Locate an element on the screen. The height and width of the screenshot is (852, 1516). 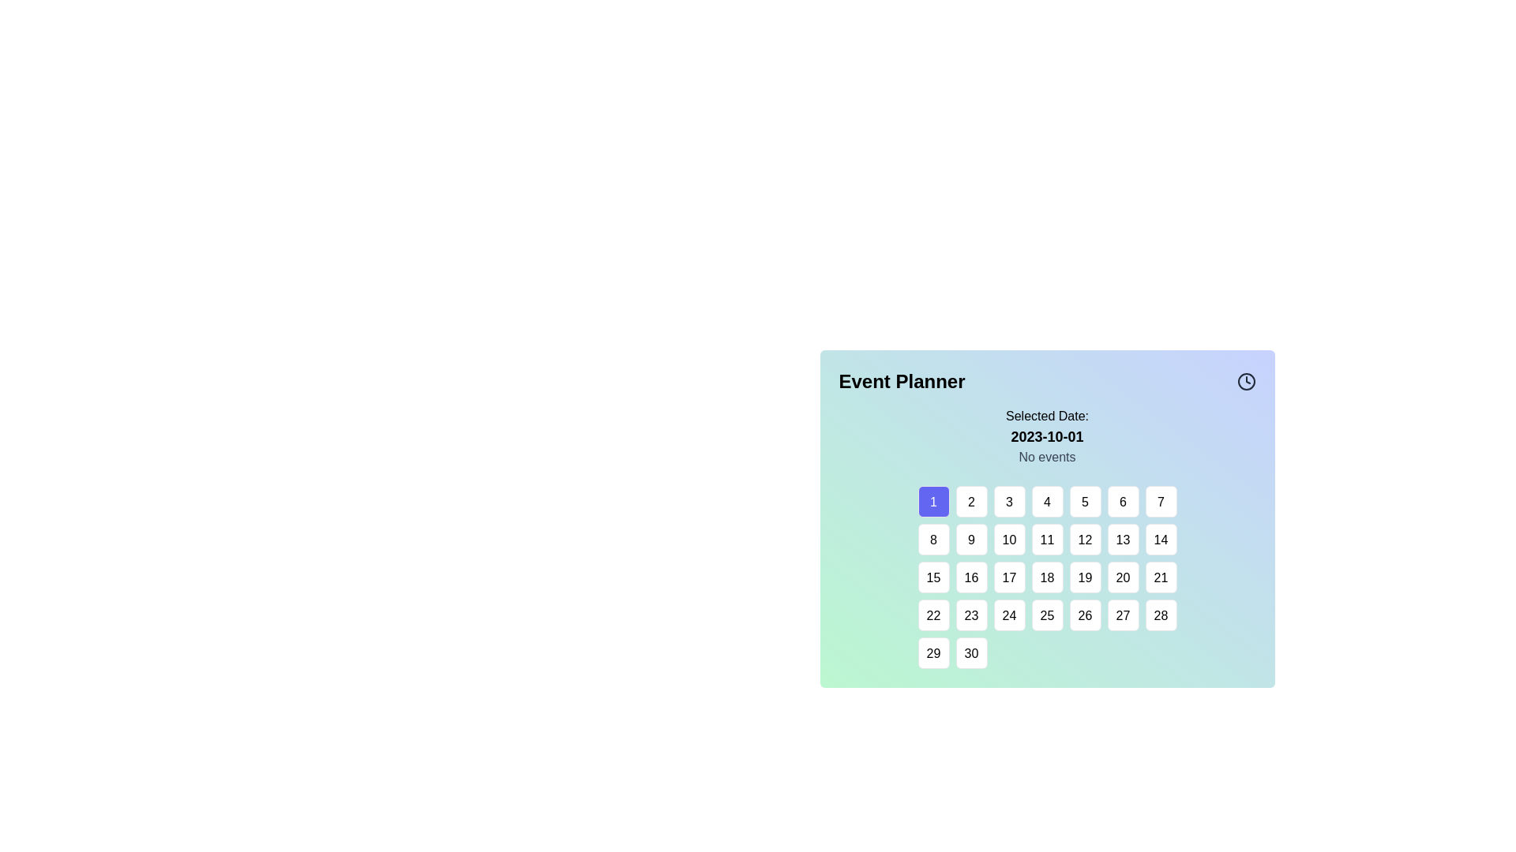
the square-shaped button labeled '3' with a white background and black text is located at coordinates (1008, 502).